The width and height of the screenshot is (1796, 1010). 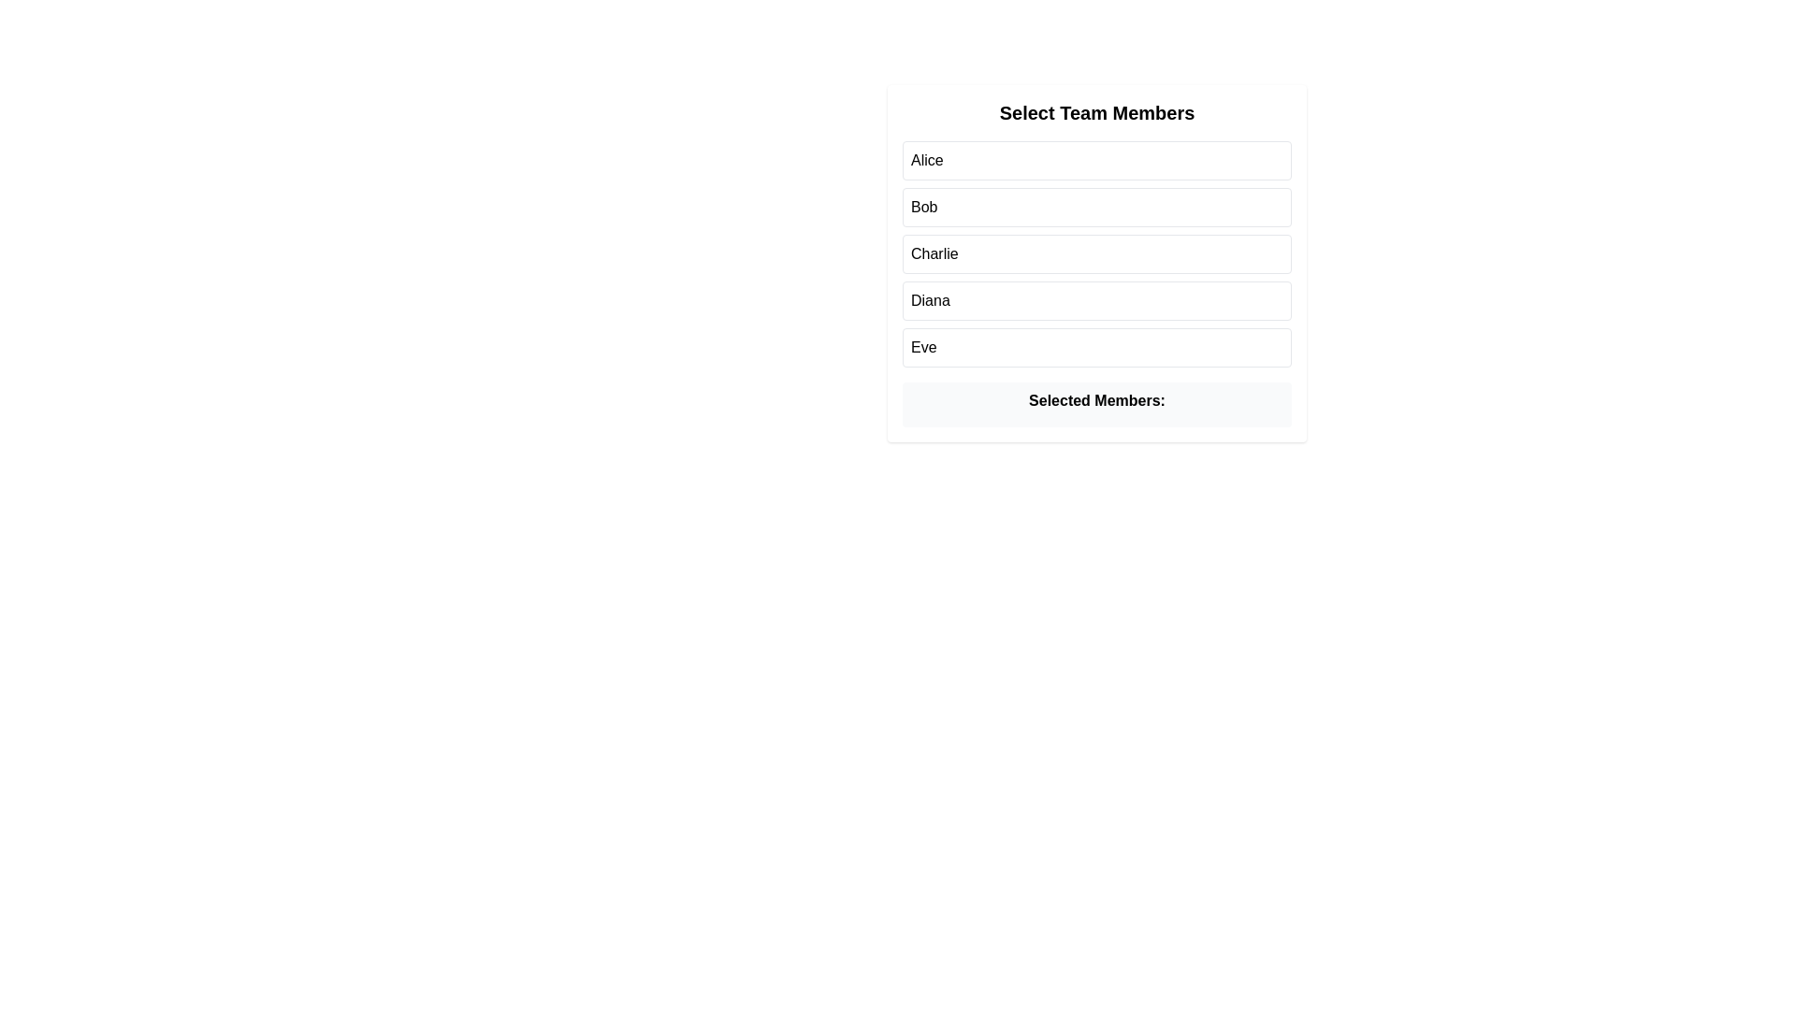 I want to click on the List Item element that displays 'Bob', which is the second item in a vertical list of team members, so click(x=1096, y=208).